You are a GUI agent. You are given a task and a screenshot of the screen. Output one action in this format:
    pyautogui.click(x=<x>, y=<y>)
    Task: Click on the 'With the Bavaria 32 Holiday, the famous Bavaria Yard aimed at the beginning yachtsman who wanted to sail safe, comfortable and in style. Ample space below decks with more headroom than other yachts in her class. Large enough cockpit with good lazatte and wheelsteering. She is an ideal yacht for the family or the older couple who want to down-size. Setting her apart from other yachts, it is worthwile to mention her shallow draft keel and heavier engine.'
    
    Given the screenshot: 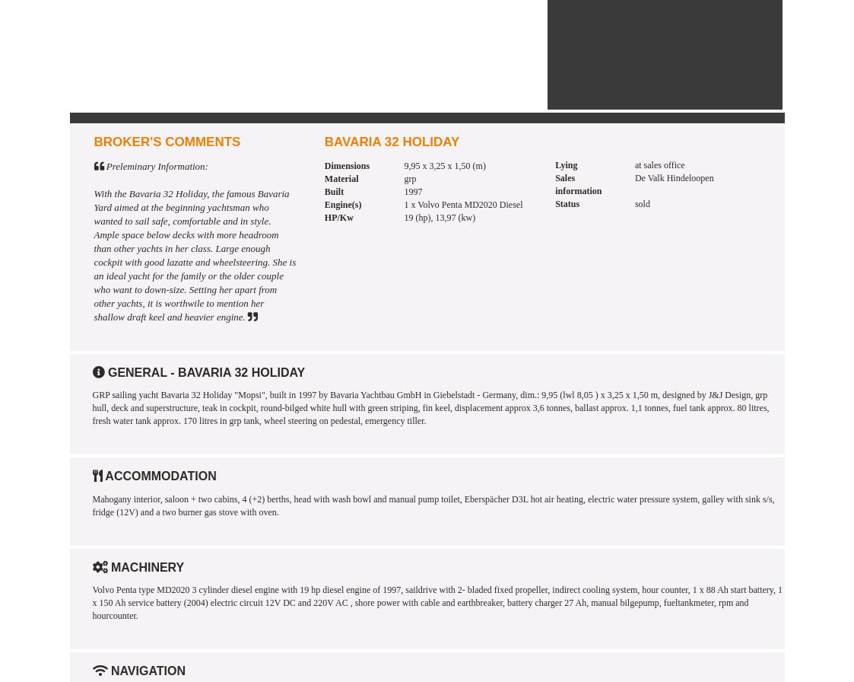 What is the action you would take?
    pyautogui.click(x=195, y=254)
    